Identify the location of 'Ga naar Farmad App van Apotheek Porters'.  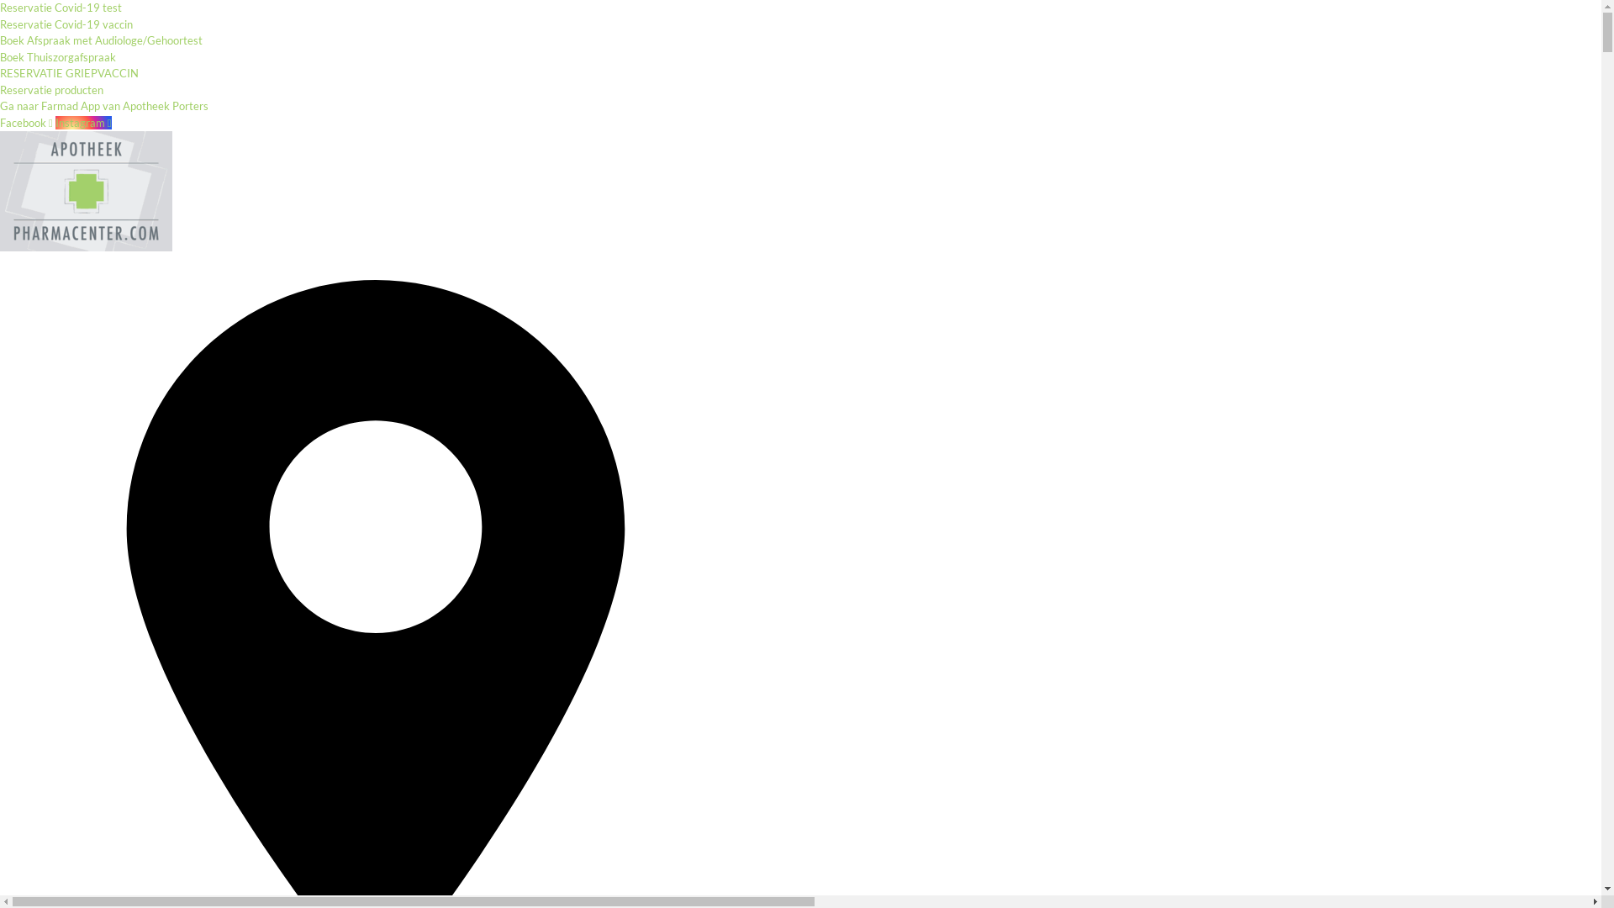
(0, 106).